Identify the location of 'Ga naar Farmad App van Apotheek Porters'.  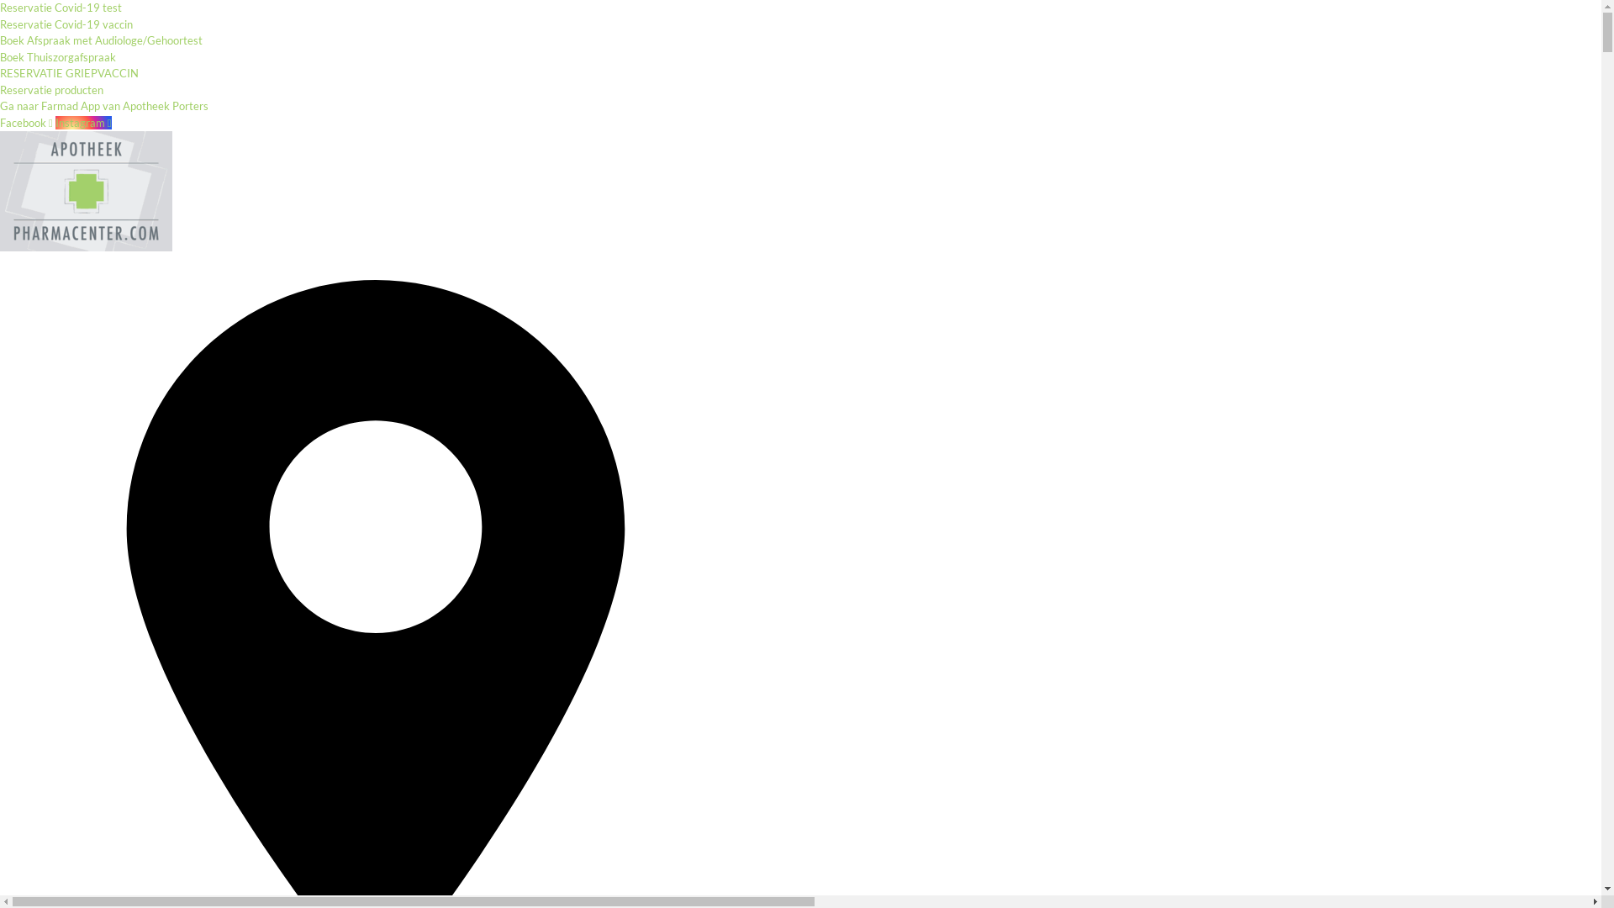
(0, 106).